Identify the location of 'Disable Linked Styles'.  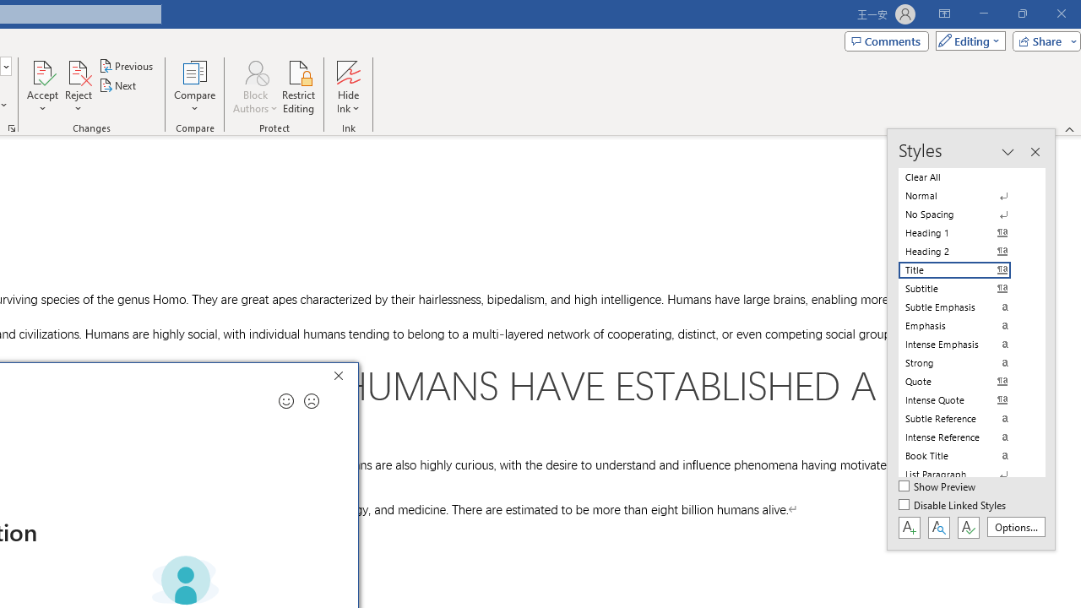
(953, 505).